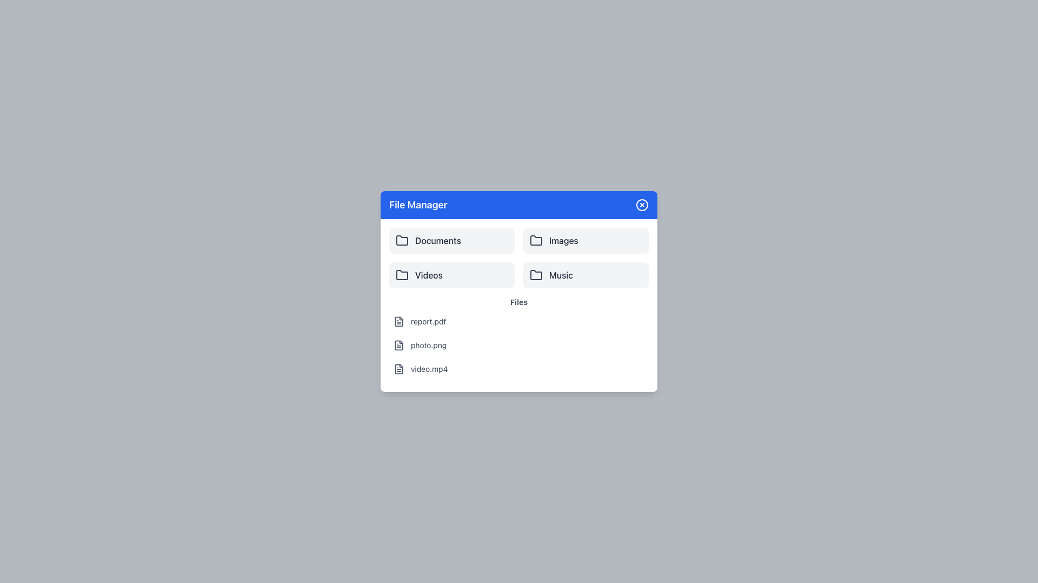  Describe the element at coordinates (536, 239) in the screenshot. I see `the 'Images' folder icon in the file manager interface` at that location.